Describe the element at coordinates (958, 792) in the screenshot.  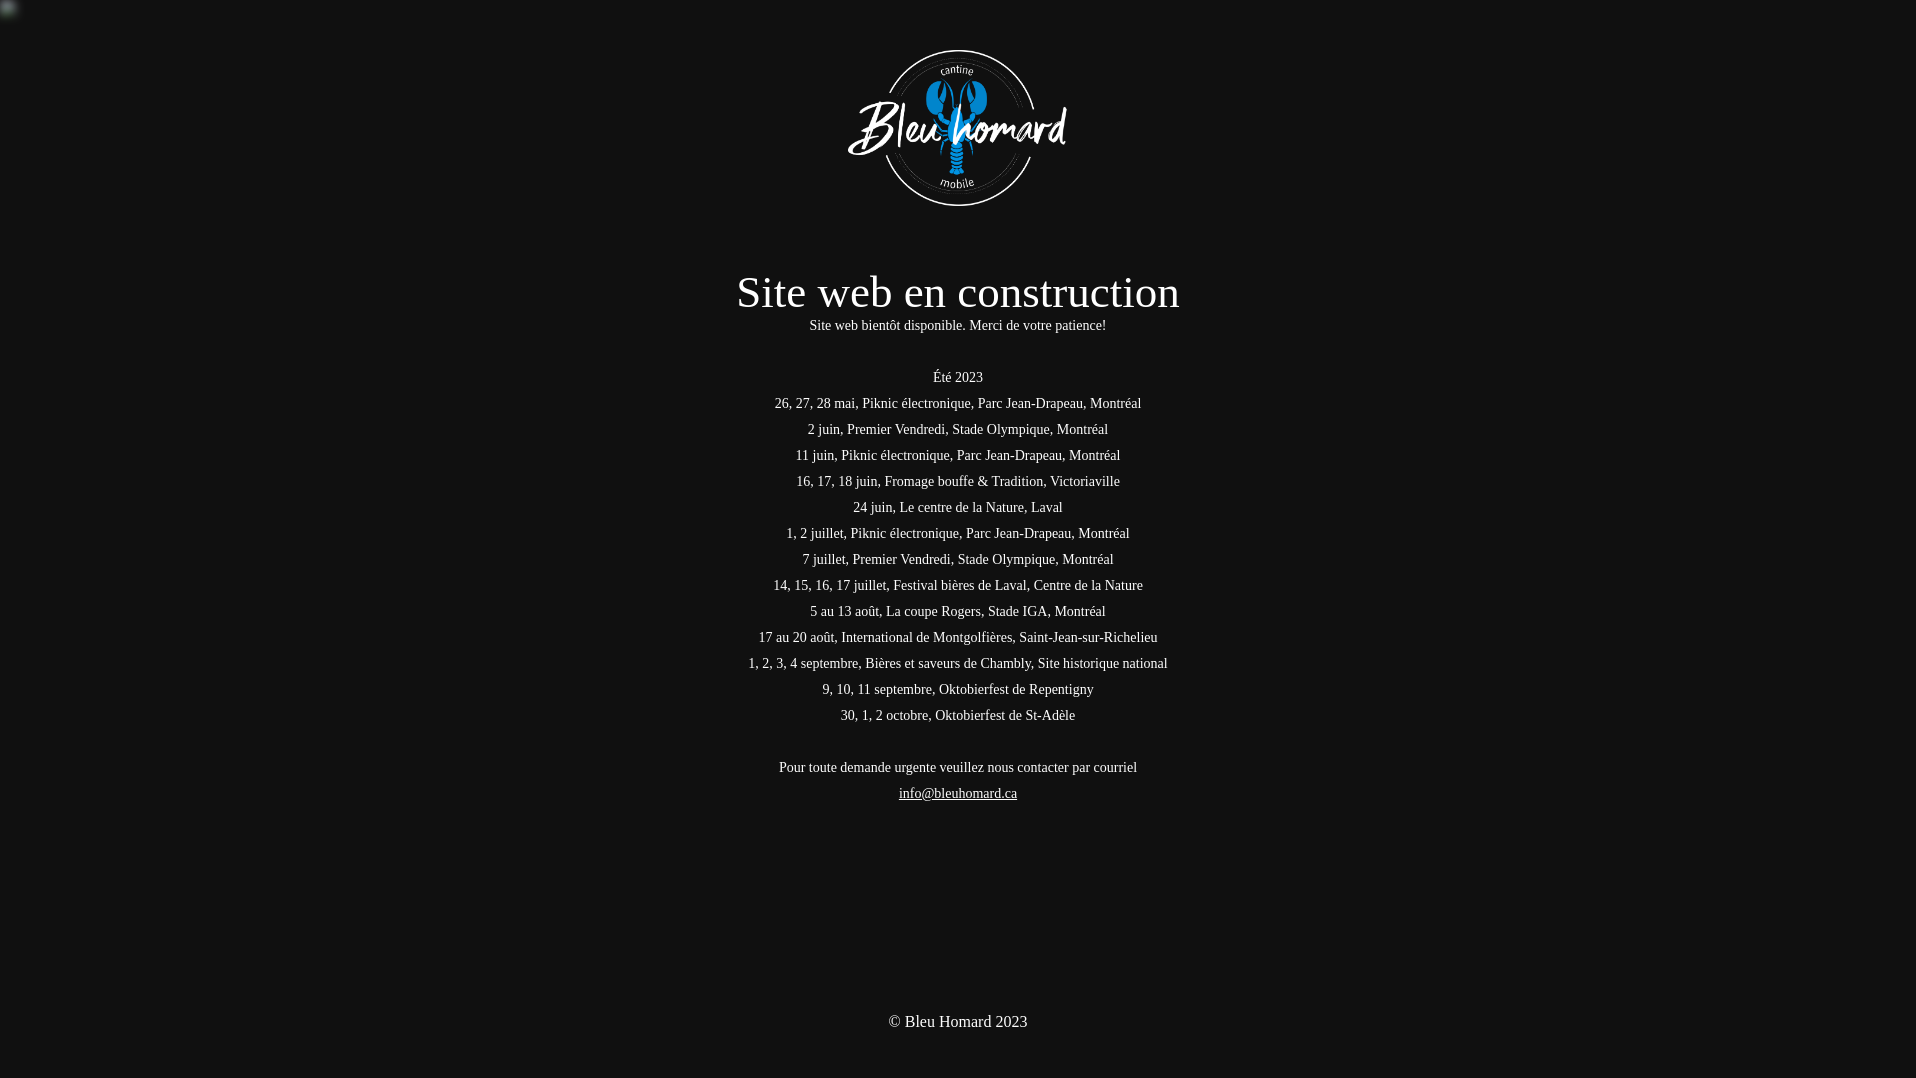
I see `'info@bleuhomard.ca'` at that location.